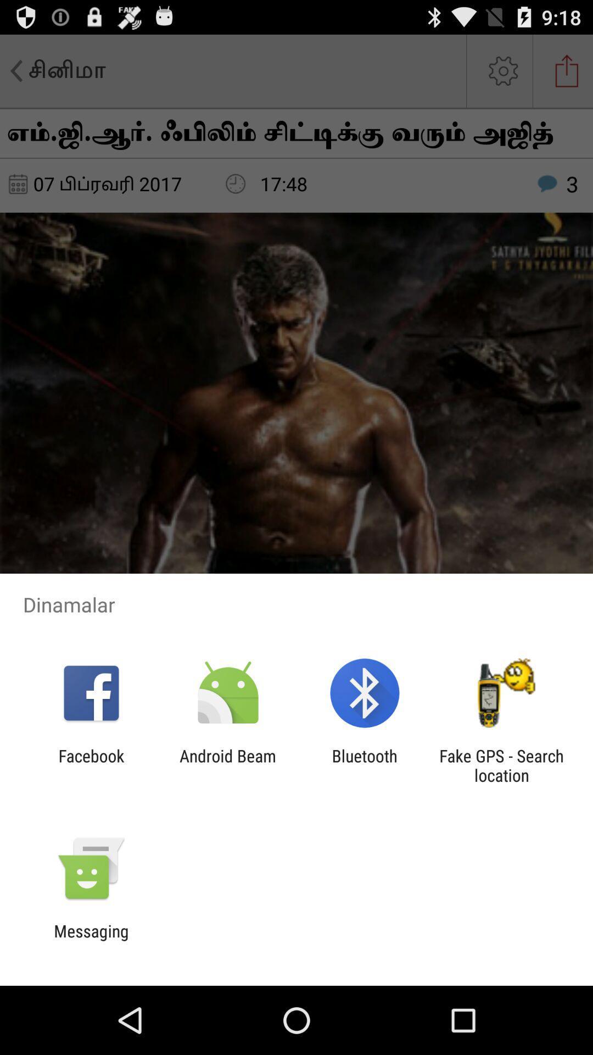 Image resolution: width=593 pixels, height=1055 pixels. I want to click on the item to the left of the bluetooth item, so click(227, 765).